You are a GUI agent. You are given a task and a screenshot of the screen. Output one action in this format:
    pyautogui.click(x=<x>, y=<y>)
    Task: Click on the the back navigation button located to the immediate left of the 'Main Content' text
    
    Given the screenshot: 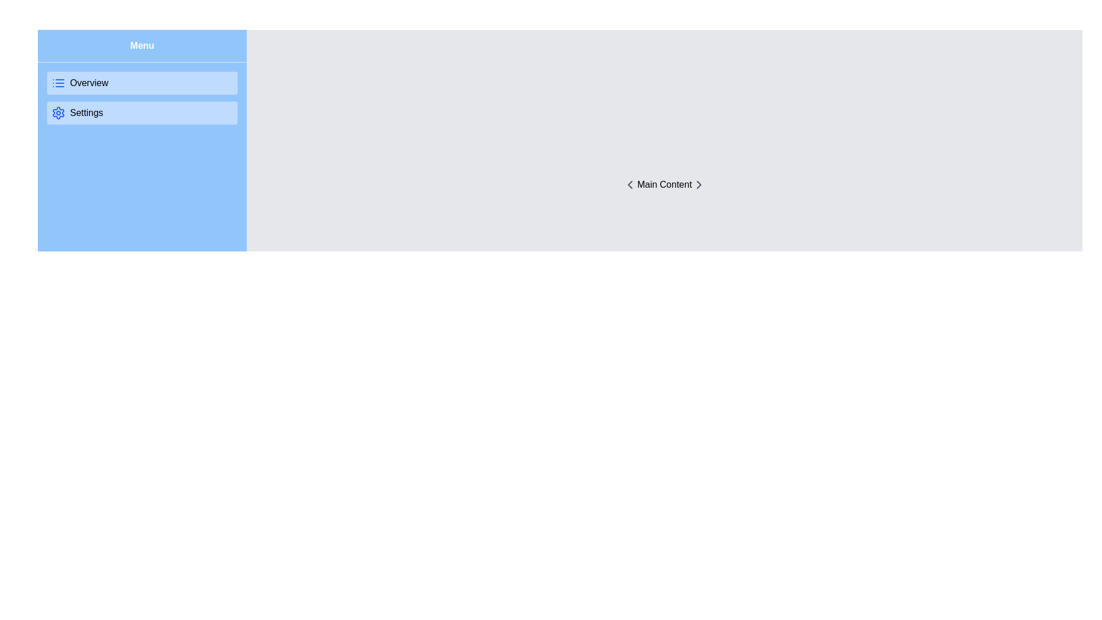 What is the action you would take?
    pyautogui.click(x=630, y=184)
    